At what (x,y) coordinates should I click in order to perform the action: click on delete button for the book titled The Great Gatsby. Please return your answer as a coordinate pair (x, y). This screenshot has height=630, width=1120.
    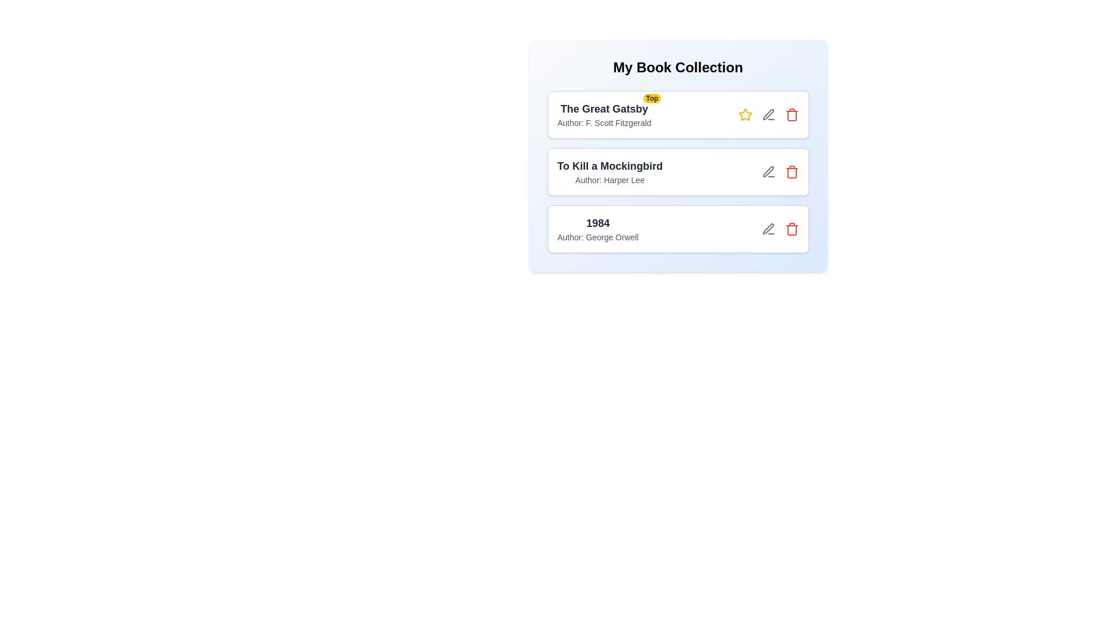
    Looking at the image, I should click on (792, 114).